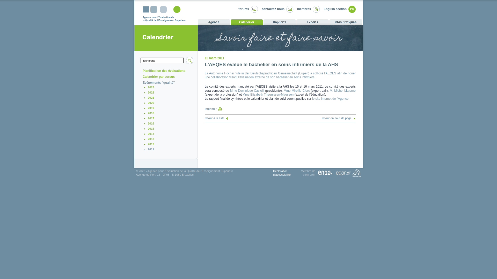 The height and width of the screenshot is (279, 497). What do you see at coordinates (335, 9) in the screenshot?
I see `'English section'` at bounding box center [335, 9].